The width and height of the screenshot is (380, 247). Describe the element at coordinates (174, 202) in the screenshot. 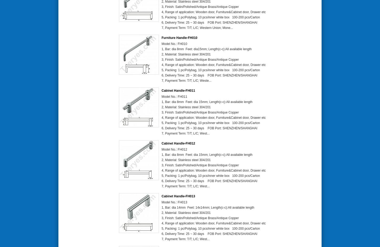

I see `'Model No.: FH013'` at that location.